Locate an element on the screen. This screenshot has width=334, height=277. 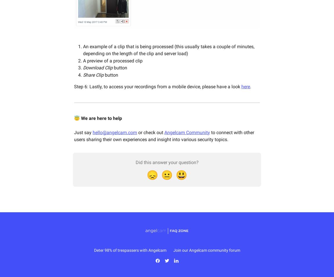
'A preview of a processed clip' is located at coordinates (83, 60).